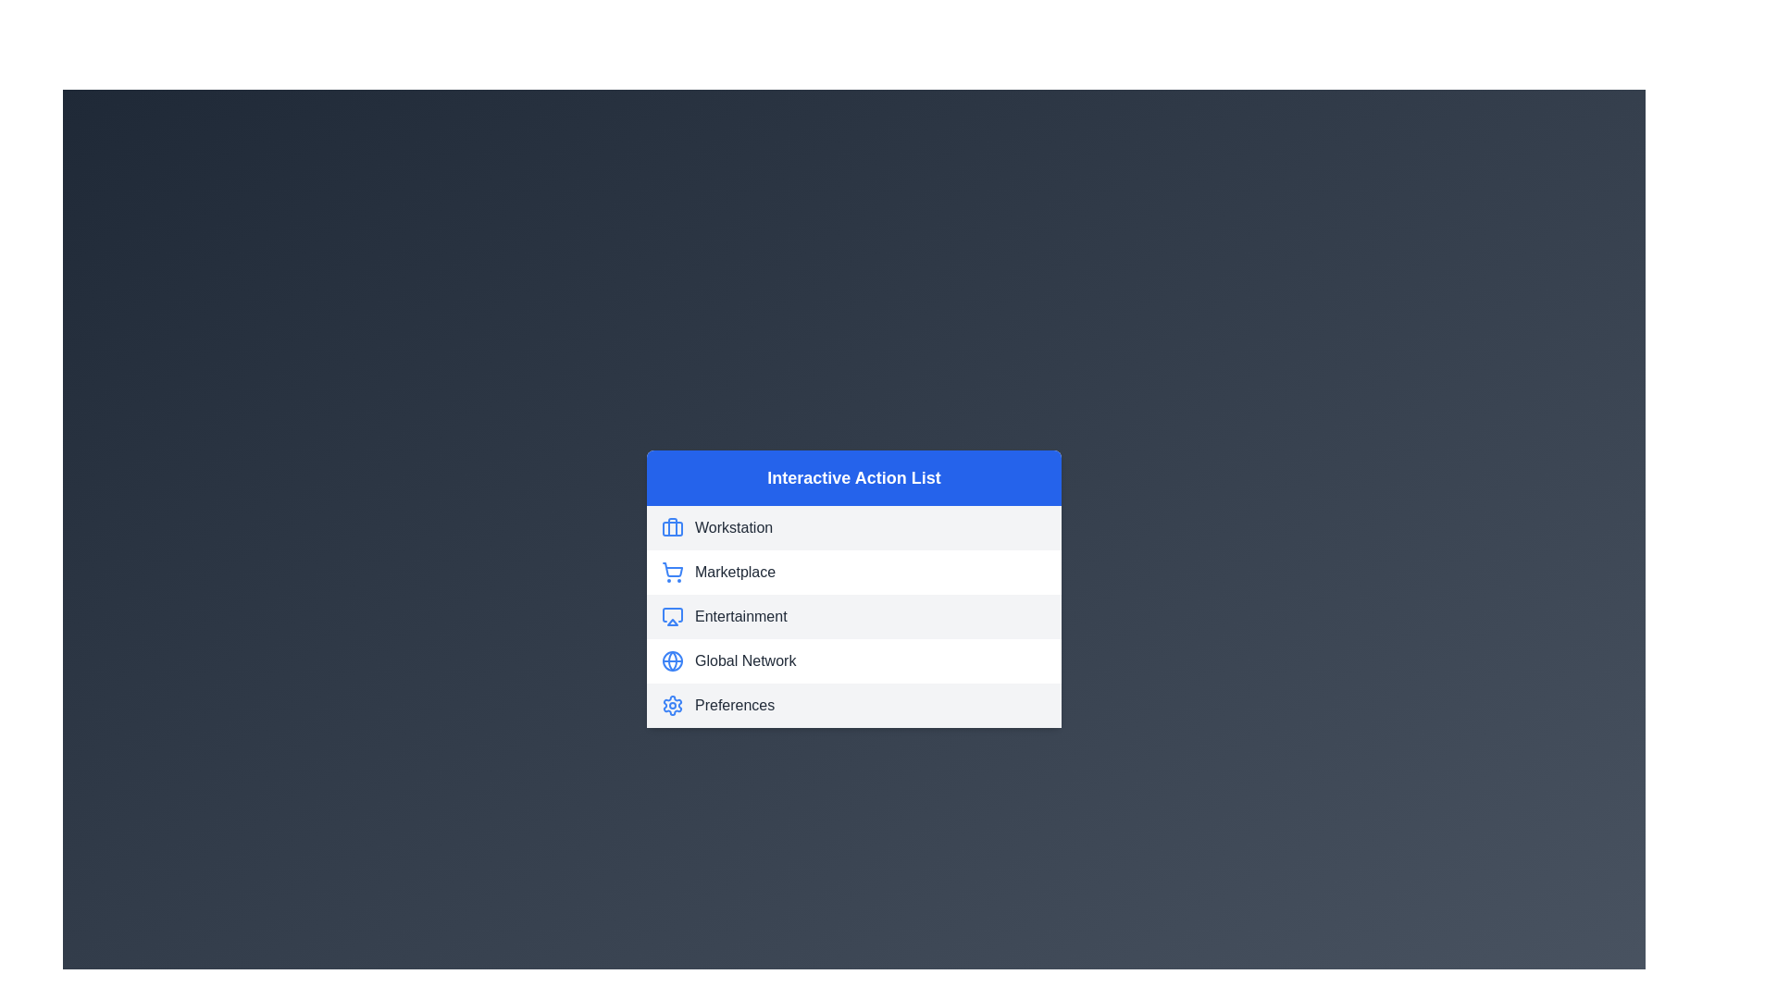 The width and height of the screenshot is (1777, 999). Describe the element at coordinates (745, 660) in the screenshot. I see `the 'Global Network' text label which indicates the corresponding menu option, positioned between 'Entertainment' and 'Preferences' in the fourth row of the vertical list` at that location.